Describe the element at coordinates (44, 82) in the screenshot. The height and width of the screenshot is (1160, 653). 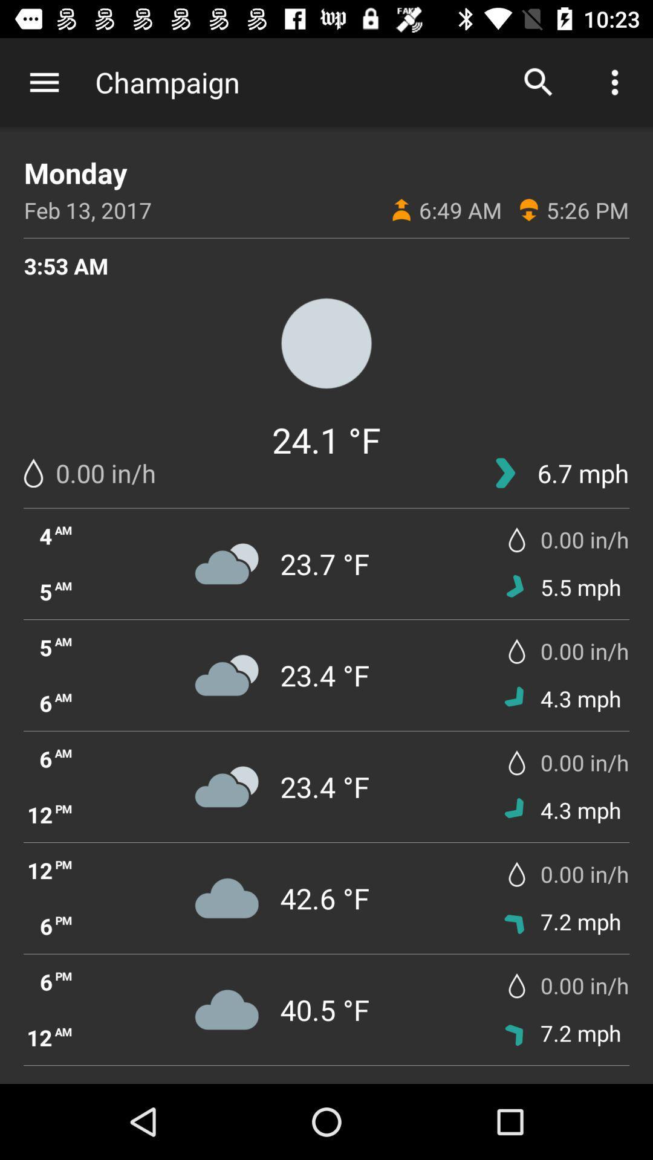
I see `the item to the left of champaign icon` at that location.